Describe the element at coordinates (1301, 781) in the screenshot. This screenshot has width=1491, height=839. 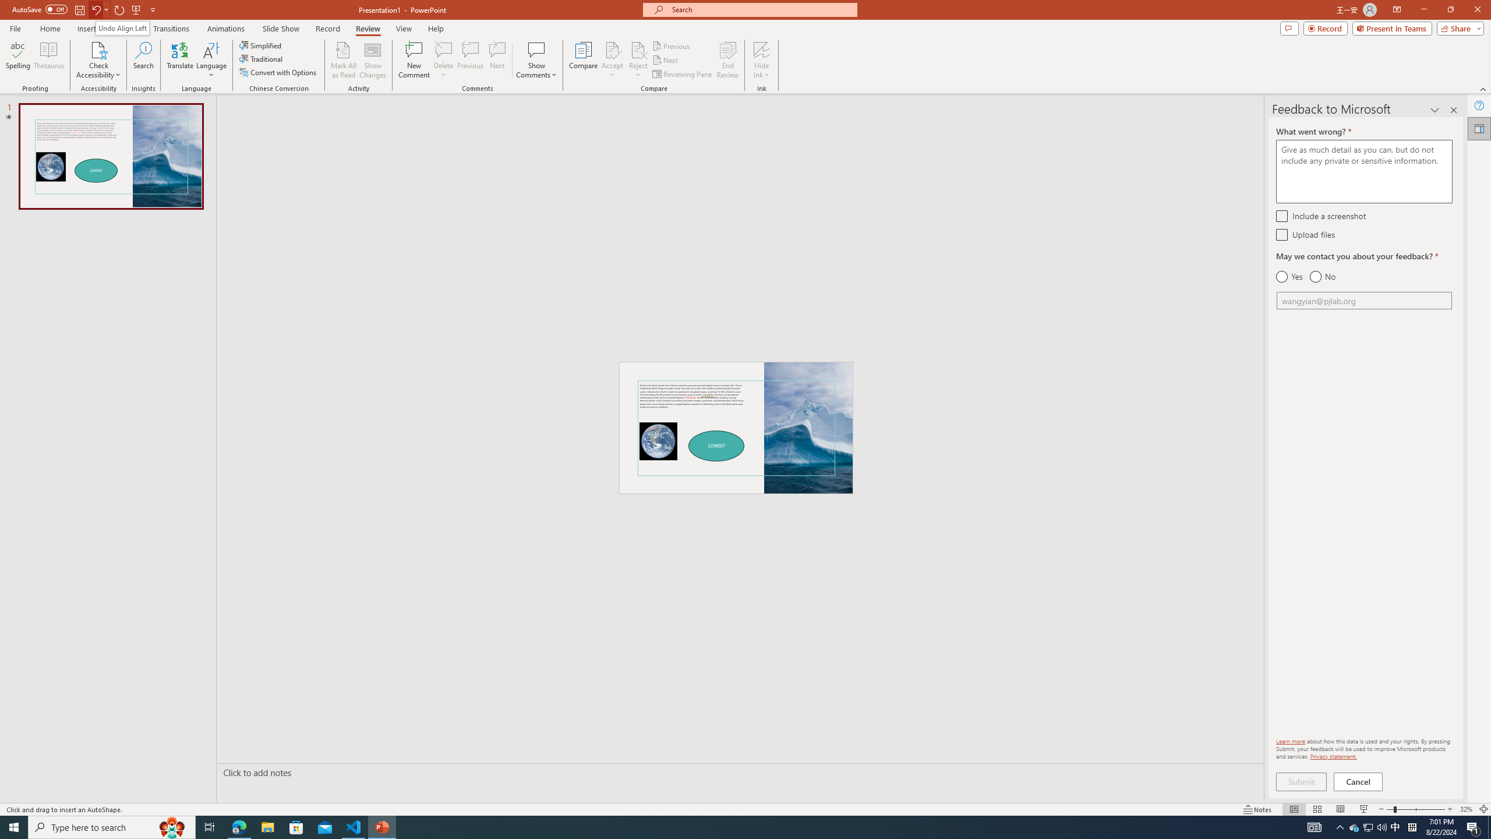
I see `'Submit'` at that location.